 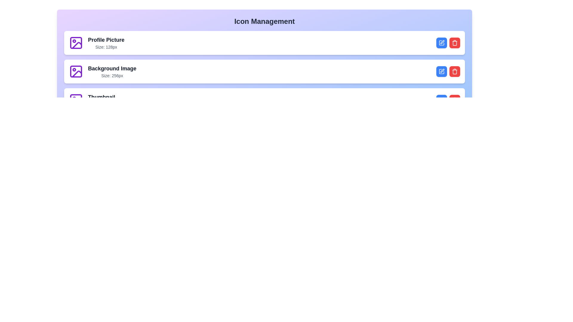 What do you see at coordinates (76, 71) in the screenshot?
I see `the purple SVG icon representing an image located in the second row of the 'Icon Management' section, positioned to the left of 'Background Image' and 'Size: 256px'` at bounding box center [76, 71].